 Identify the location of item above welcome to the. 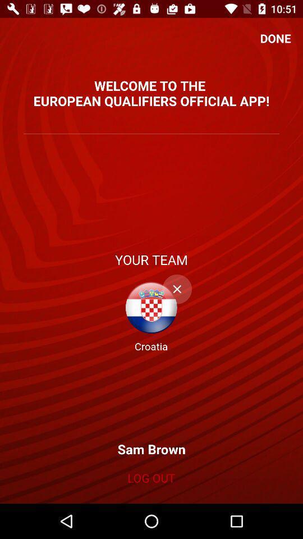
(275, 38).